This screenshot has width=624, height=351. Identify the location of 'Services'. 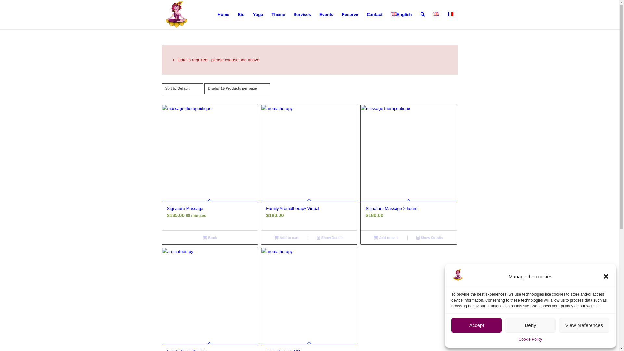
(302, 15).